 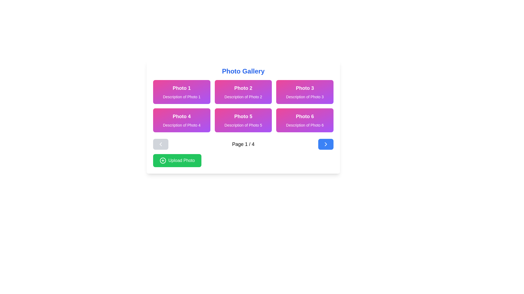 I want to click on the right-pointing chevron icon located within the small blue circular button in the bottom-right corner of the interface, so click(x=326, y=144).